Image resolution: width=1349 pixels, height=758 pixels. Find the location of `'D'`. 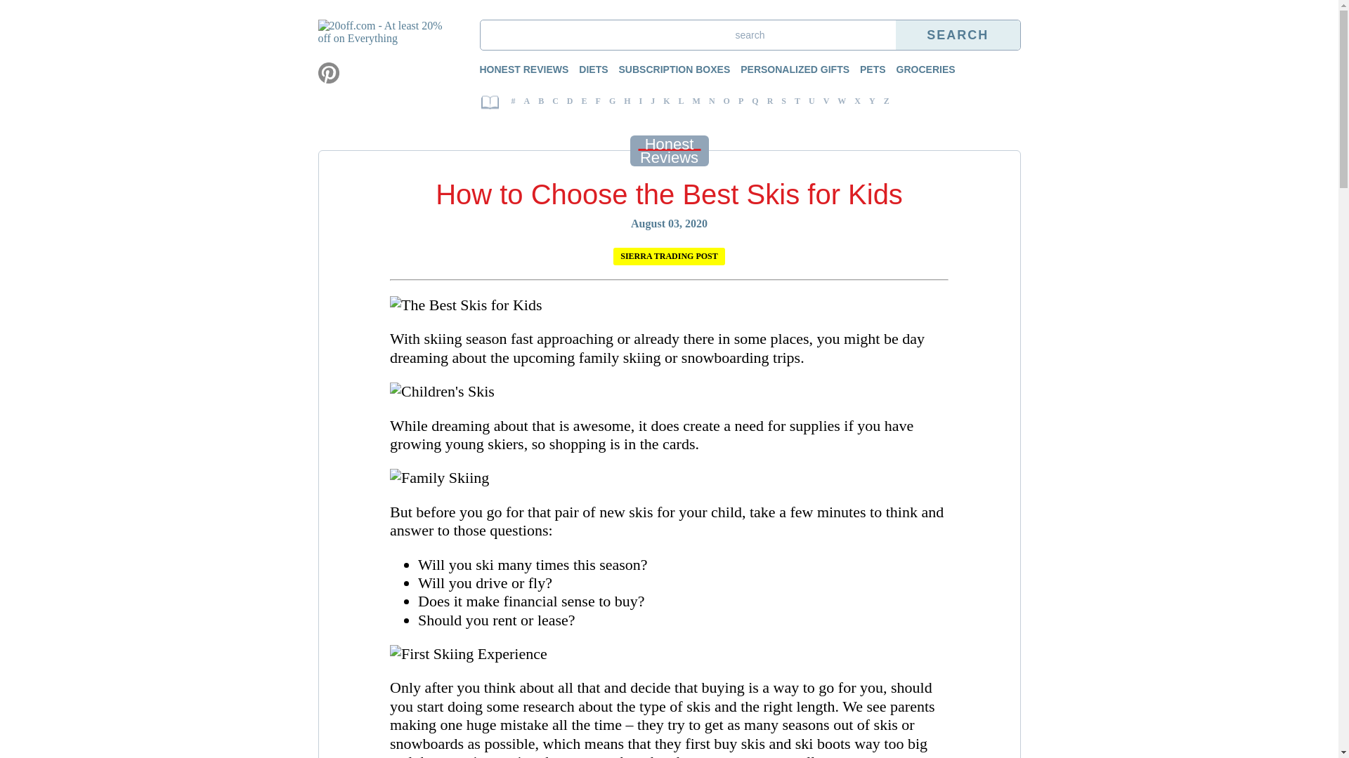

'D' is located at coordinates (570, 100).